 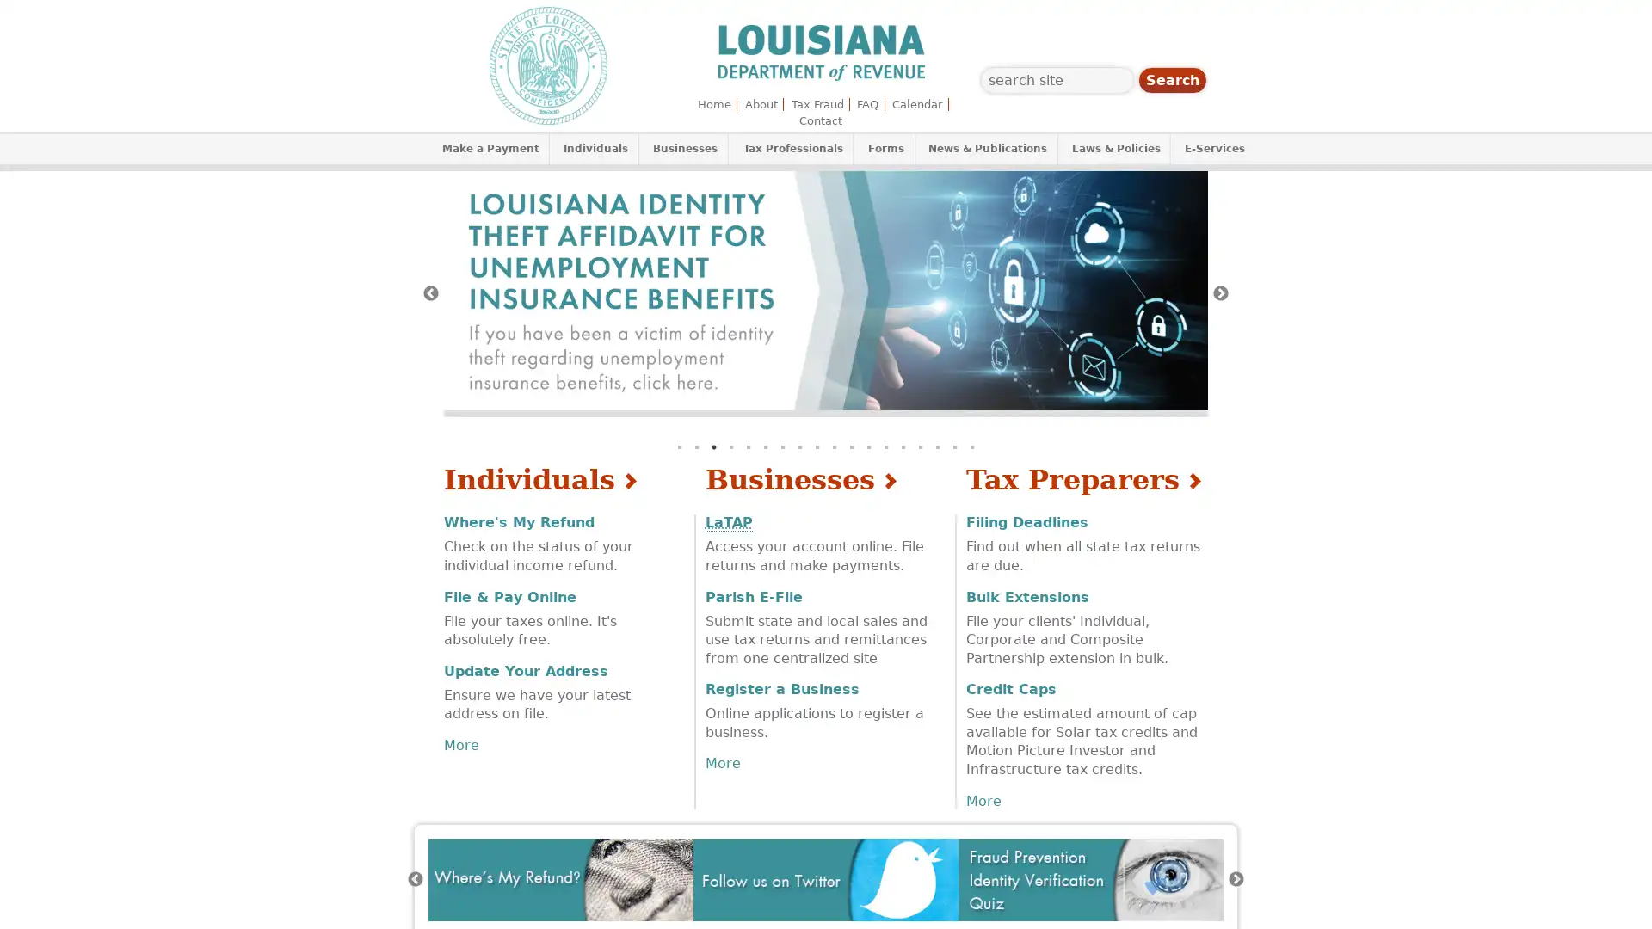 I want to click on 10, so click(x=834, y=446).